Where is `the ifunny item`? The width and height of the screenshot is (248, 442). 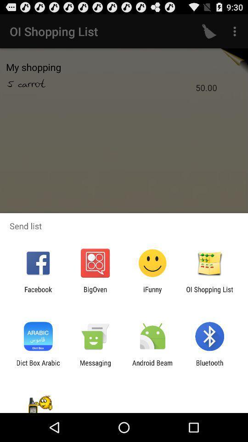
the ifunny item is located at coordinates (152, 293).